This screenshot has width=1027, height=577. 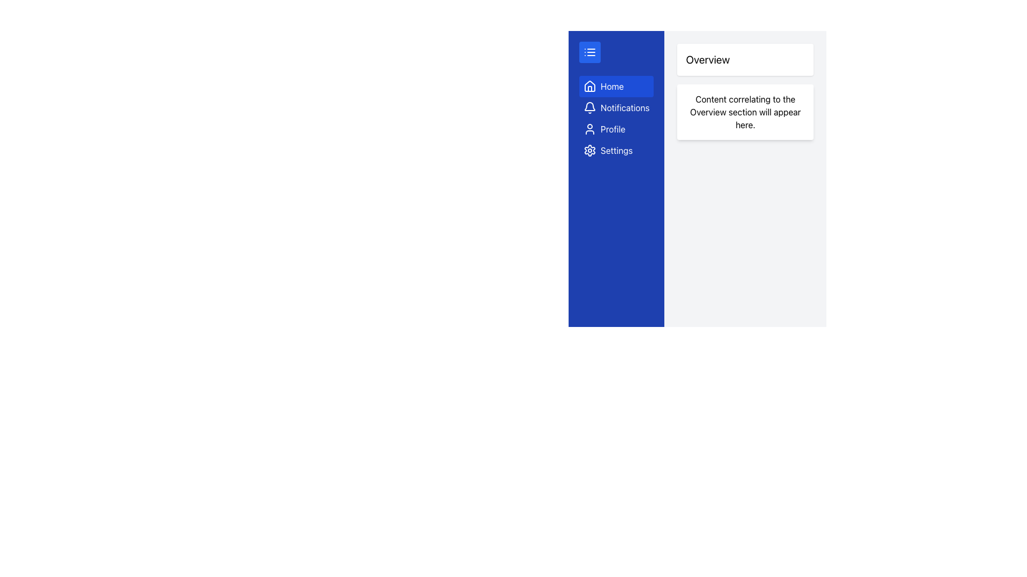 I want to click on the distinctive house-like icon with a triangular roof and rectangular base located in the left-hand sidebar, specifically as the second element under the home menu option, so click(x=589, y=85).